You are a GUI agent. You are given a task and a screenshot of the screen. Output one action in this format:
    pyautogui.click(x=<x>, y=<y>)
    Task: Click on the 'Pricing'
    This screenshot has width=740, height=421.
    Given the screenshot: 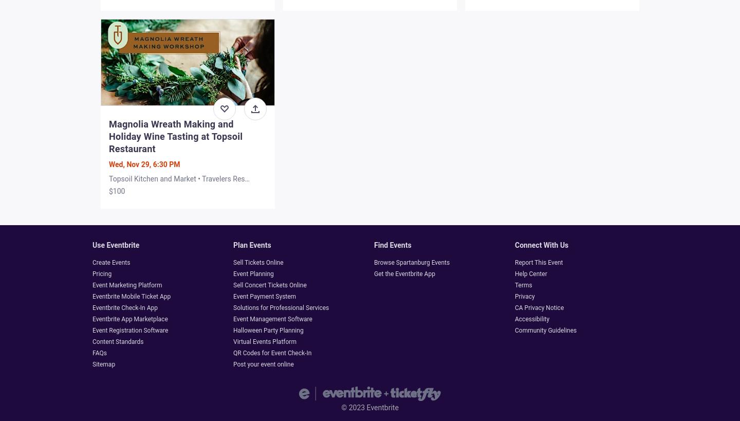 What is the action you would take?
    pyautogui.click(x=102, y=274)
    